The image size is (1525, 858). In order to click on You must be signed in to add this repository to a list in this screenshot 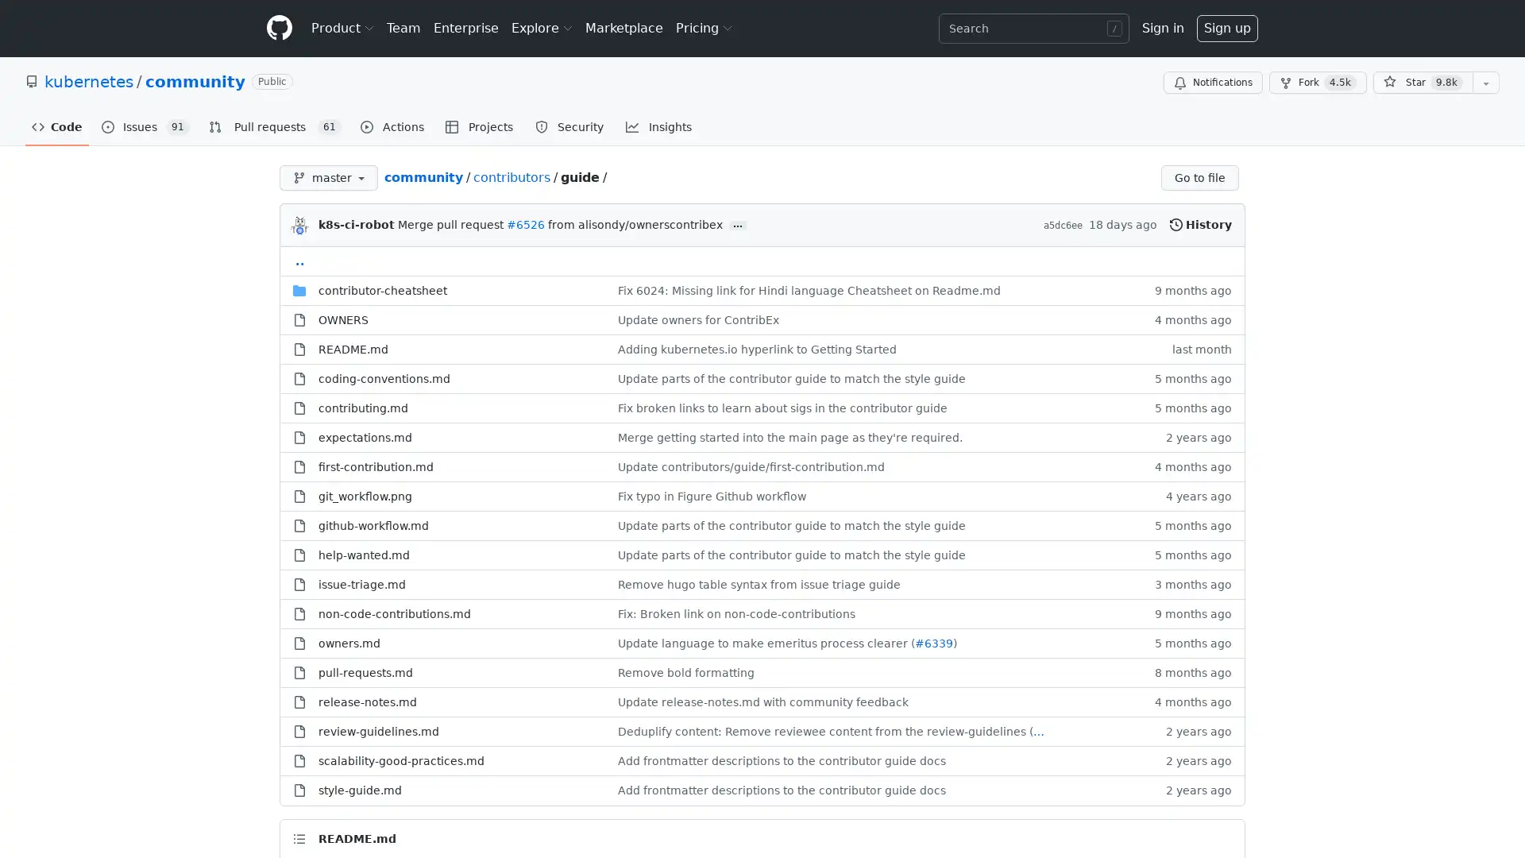, I will do `click(1485, 83)`.